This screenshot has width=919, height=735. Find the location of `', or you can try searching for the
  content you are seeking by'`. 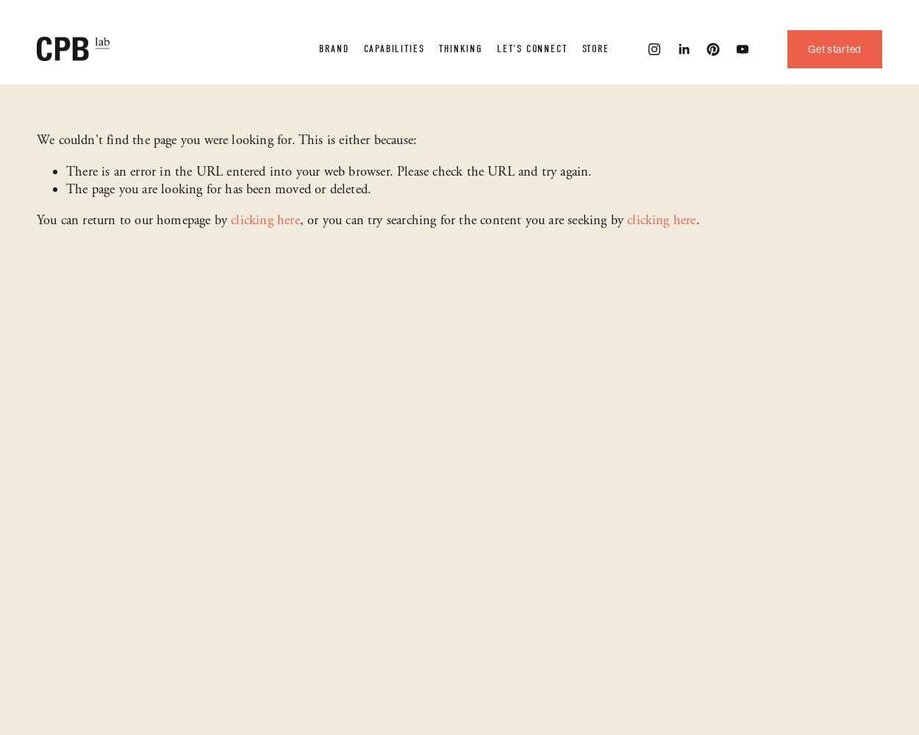

', or you can try searching for the
  content you are seeking by' is located at coordinates (463, 220).